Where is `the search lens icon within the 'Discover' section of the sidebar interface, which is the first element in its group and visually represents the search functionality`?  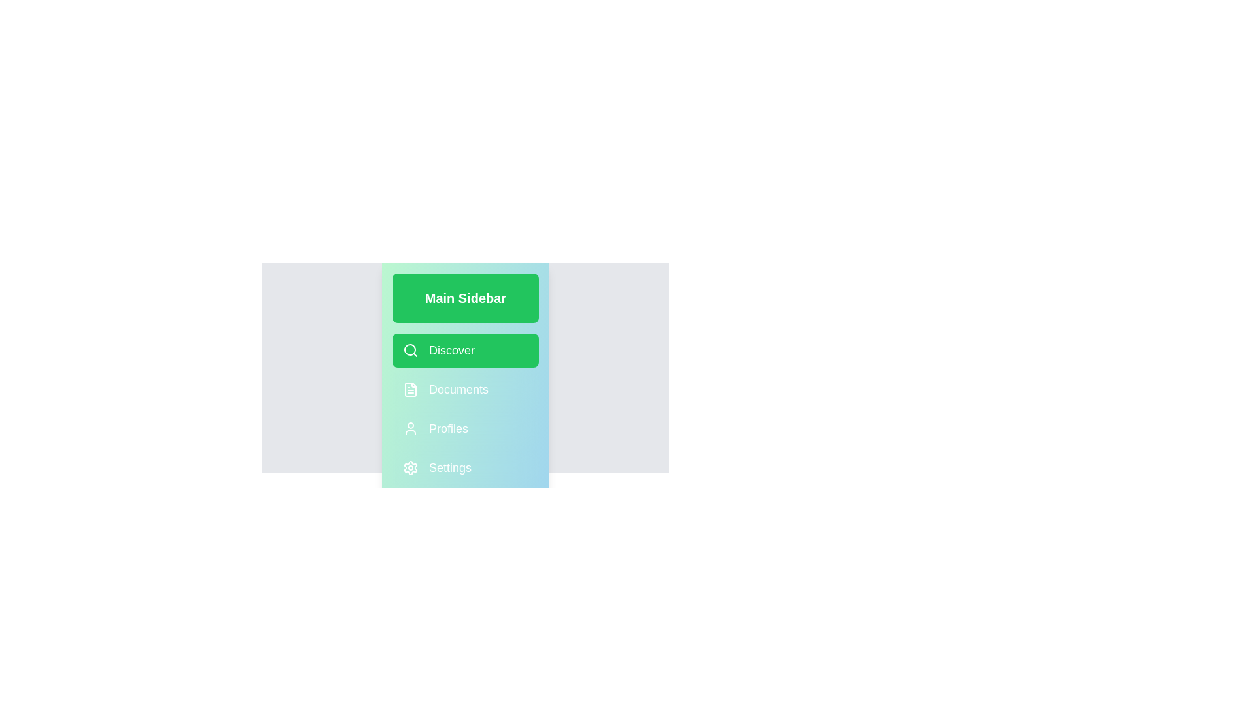 the search lens icon within the 'Discover' section of the sidebar interface, which is the first element in its group and visually represents the search functionality is located at coordinates (410, 349).